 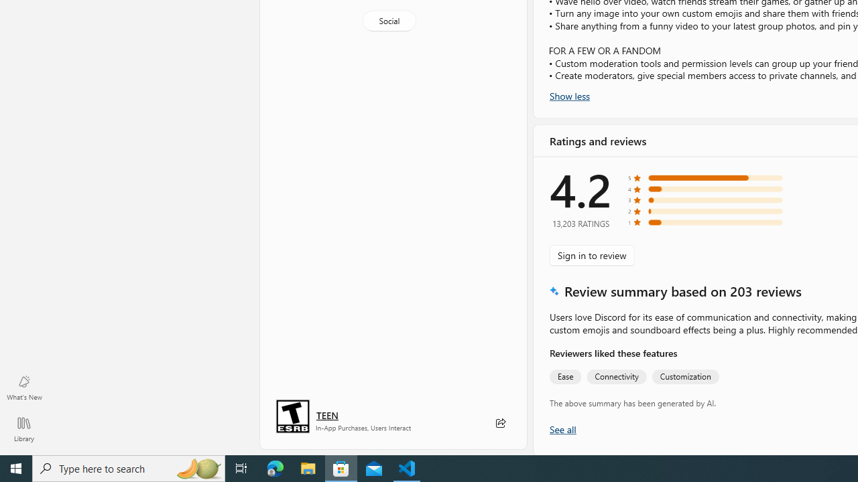 I want to click on 'Show all ratings and reviews', so click(x=562, y=428).